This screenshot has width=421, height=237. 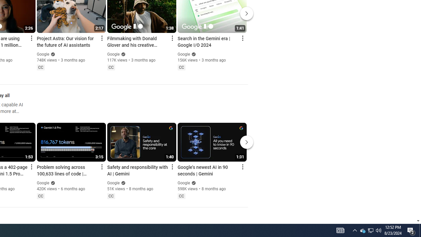 What do you see at coordinates (242, 166) in the screenshot?
I see `'Action menu'` at bounding box center [242, 166].